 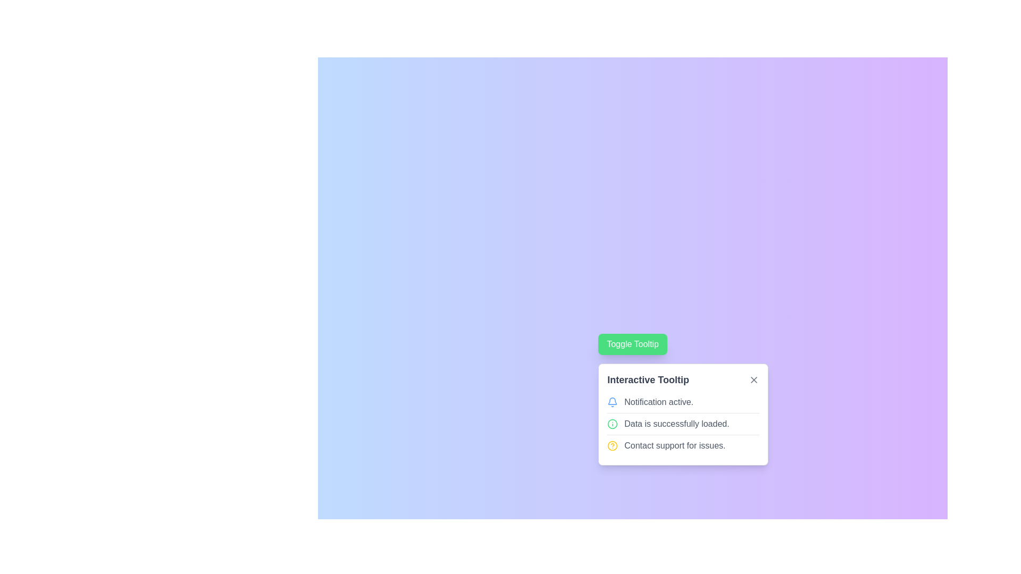 I want to click on the icons in the 'Interactive Tooltip' which is styled with a white background, gray border, and contains the title and list items, so click(x=683, y=413).